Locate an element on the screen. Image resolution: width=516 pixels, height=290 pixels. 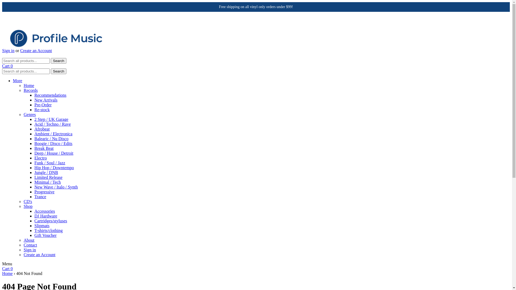
'Minimal / Tech' is located at coordinates (48, 182).